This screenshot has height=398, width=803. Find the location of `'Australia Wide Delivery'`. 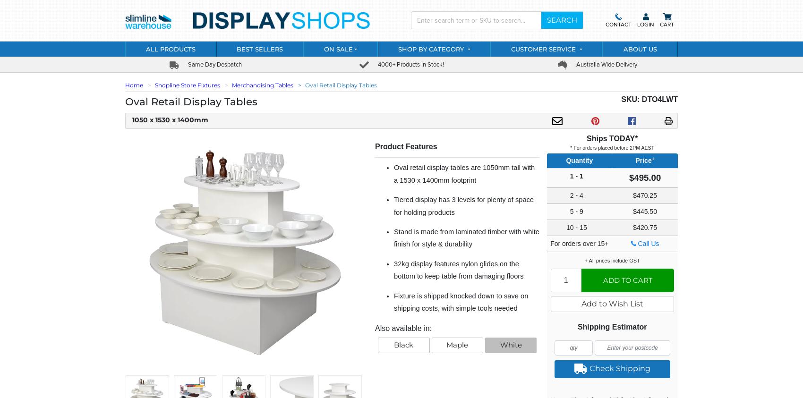

'Australia Wide Delivery' is located at coordinates (606, 64).